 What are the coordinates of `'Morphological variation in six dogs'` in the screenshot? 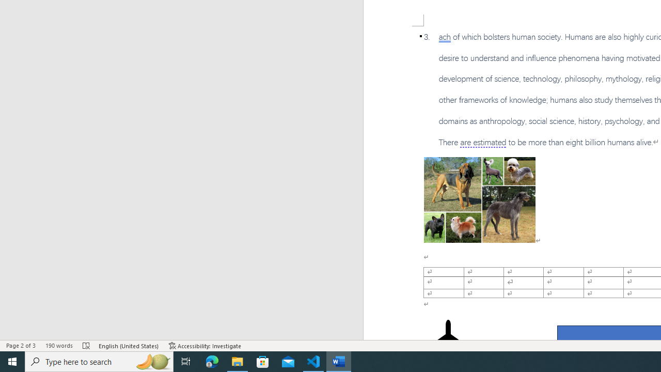 It's located at (479, 200).